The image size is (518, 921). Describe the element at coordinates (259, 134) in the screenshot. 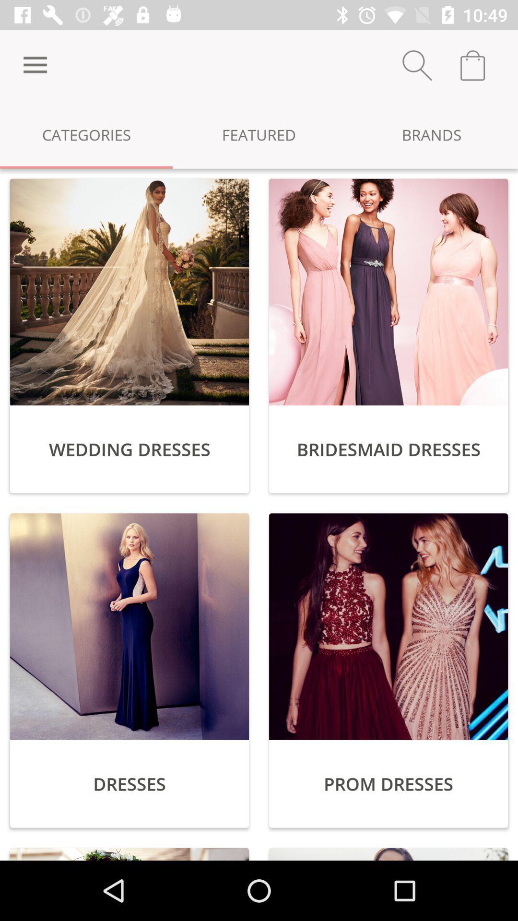

I see `the featured icon` at that location.